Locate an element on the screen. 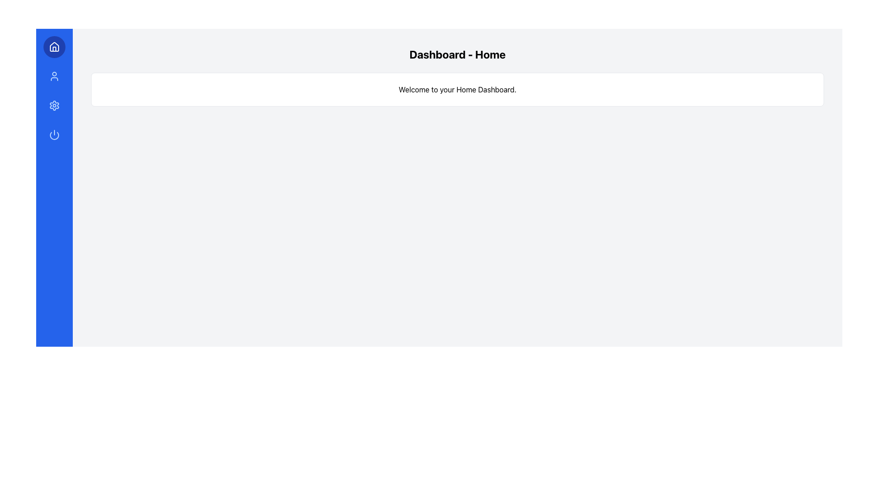  the settings button located in the vertical navigation bar, which is the fourth icon below the 'Profile' icon and above the 'Logout' icon is located at coordinates (54, 105).